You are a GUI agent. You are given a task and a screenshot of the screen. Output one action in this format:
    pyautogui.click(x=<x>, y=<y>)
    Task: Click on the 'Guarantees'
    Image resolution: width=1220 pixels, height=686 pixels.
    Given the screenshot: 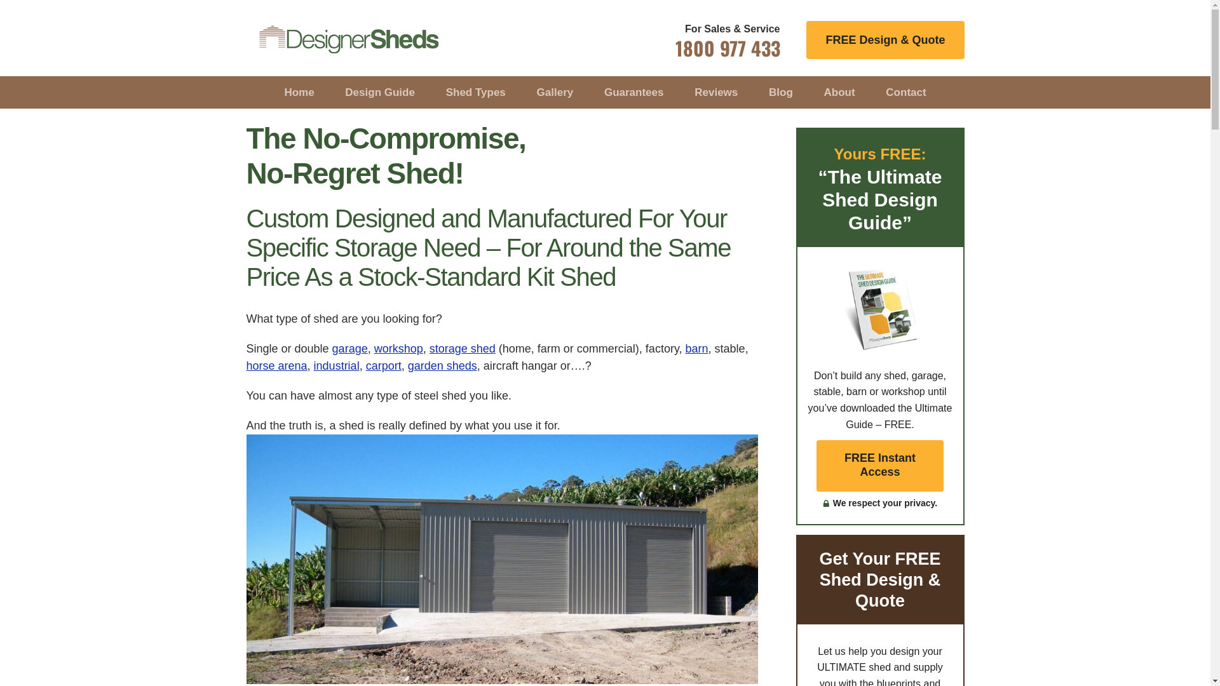 What is the action you would take?
    pyautogui.click(x=634, y=91)
    